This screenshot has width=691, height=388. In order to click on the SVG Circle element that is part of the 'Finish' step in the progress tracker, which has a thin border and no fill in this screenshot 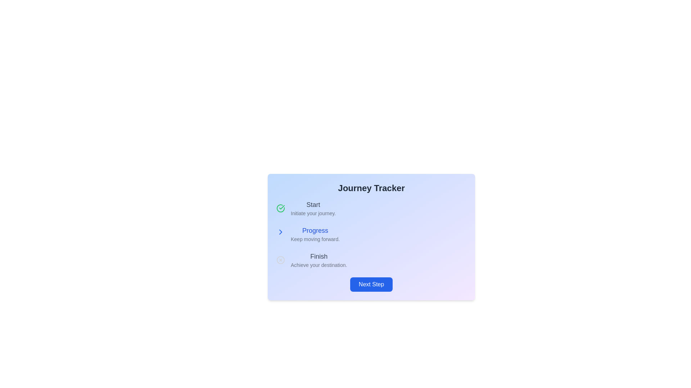, I will do `click(280, 260)`.